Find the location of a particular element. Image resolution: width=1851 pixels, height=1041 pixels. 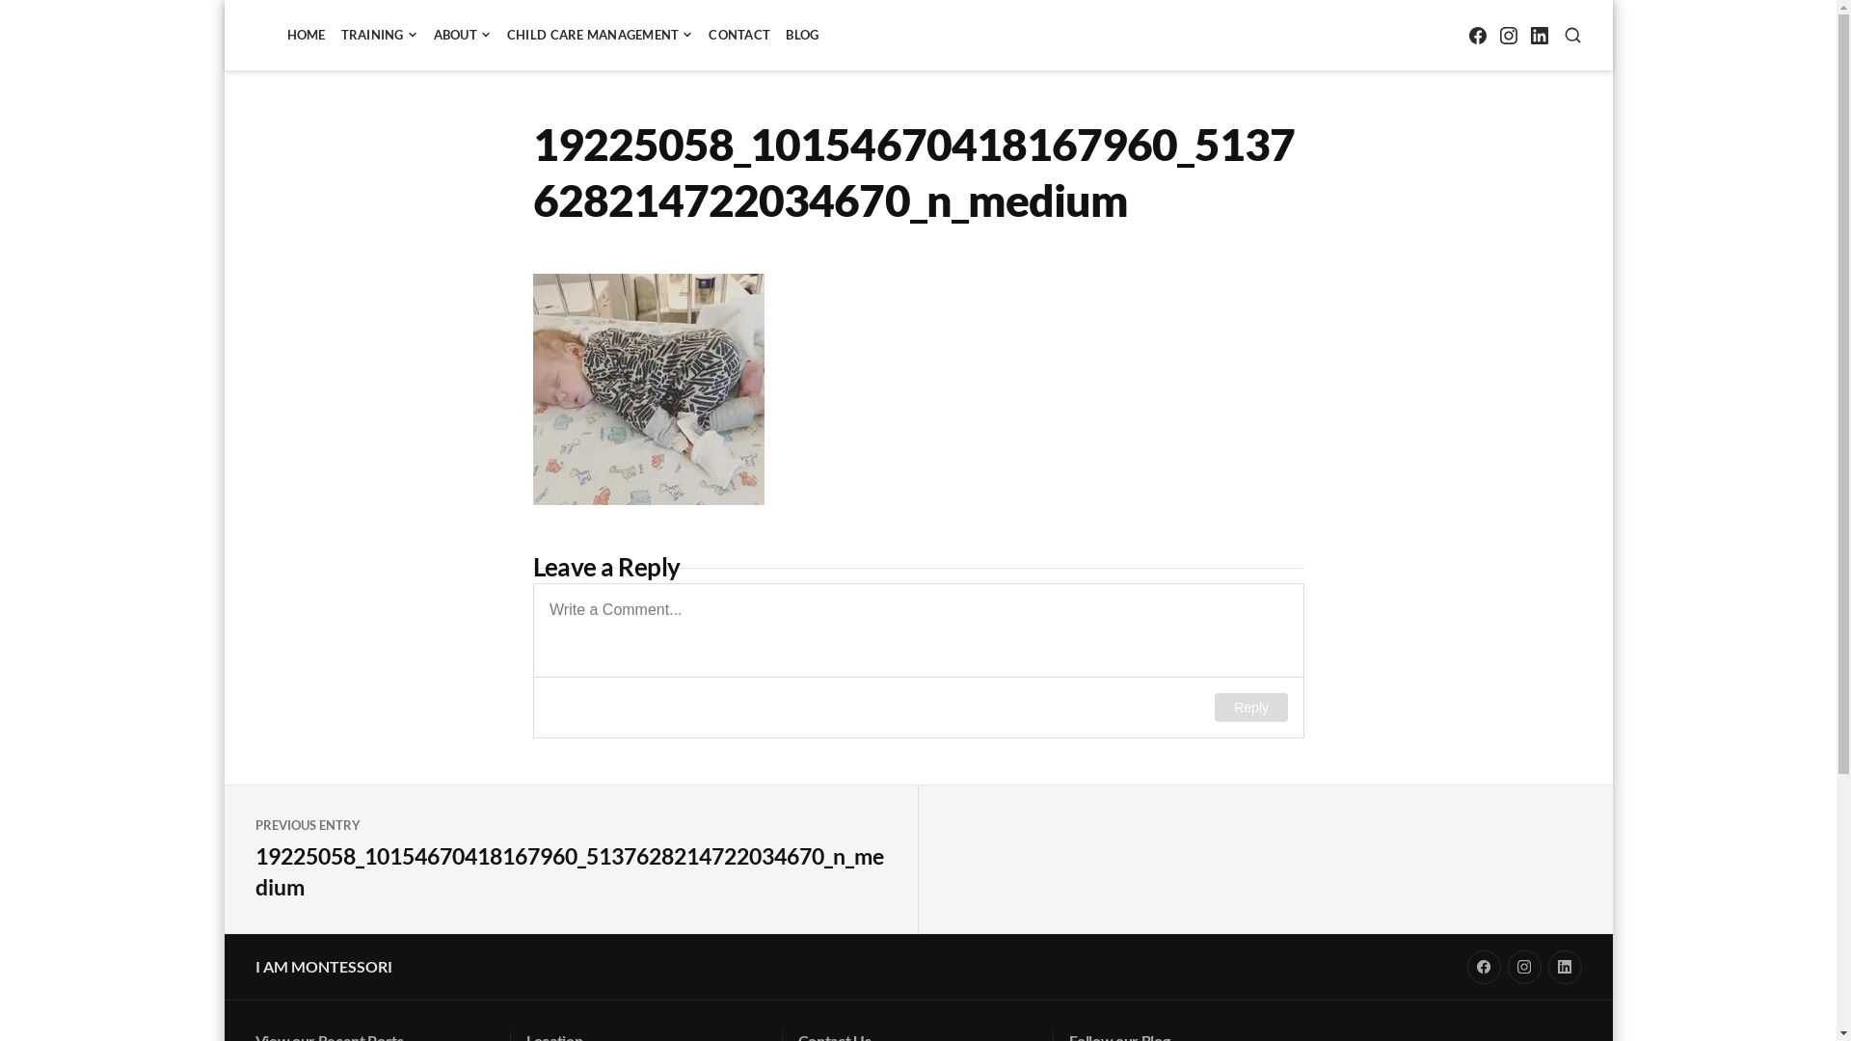

'LinkedIn' is located at coordinates (1538, 35).